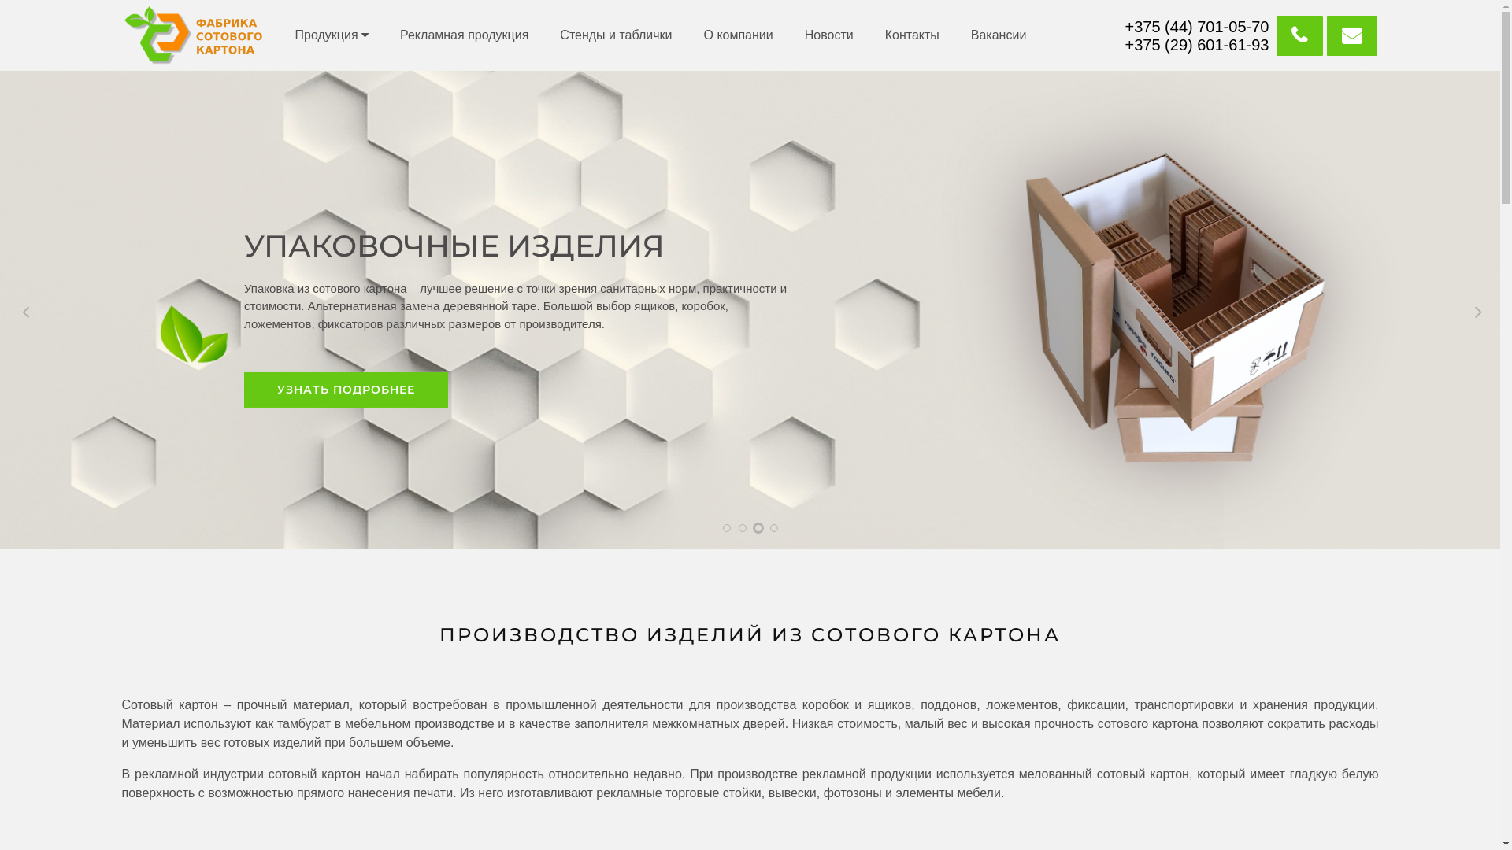  I want to click on '2', so click(741, 528).